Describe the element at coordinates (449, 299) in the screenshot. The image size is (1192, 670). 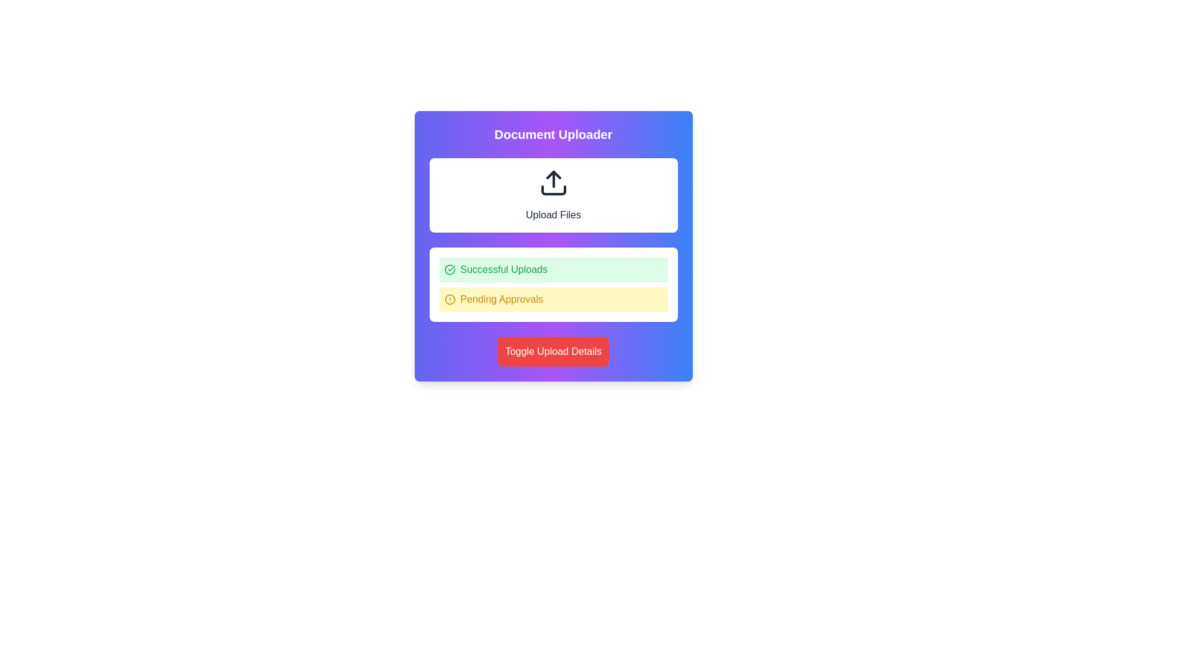
I see `the informational icon represented by a circular SVG graphic located in the 'Pending Approvals' section beside the text content in the notification card` at that location.